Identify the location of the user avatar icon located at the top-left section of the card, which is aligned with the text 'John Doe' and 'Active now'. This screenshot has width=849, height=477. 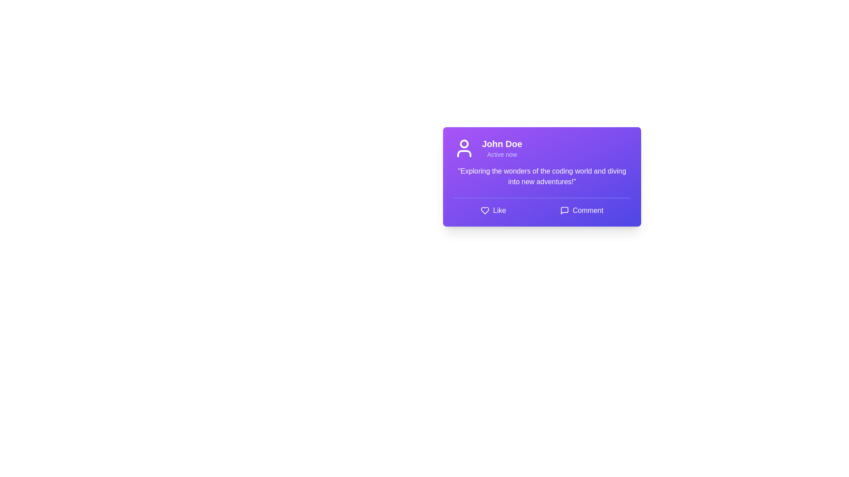
(464, 148).